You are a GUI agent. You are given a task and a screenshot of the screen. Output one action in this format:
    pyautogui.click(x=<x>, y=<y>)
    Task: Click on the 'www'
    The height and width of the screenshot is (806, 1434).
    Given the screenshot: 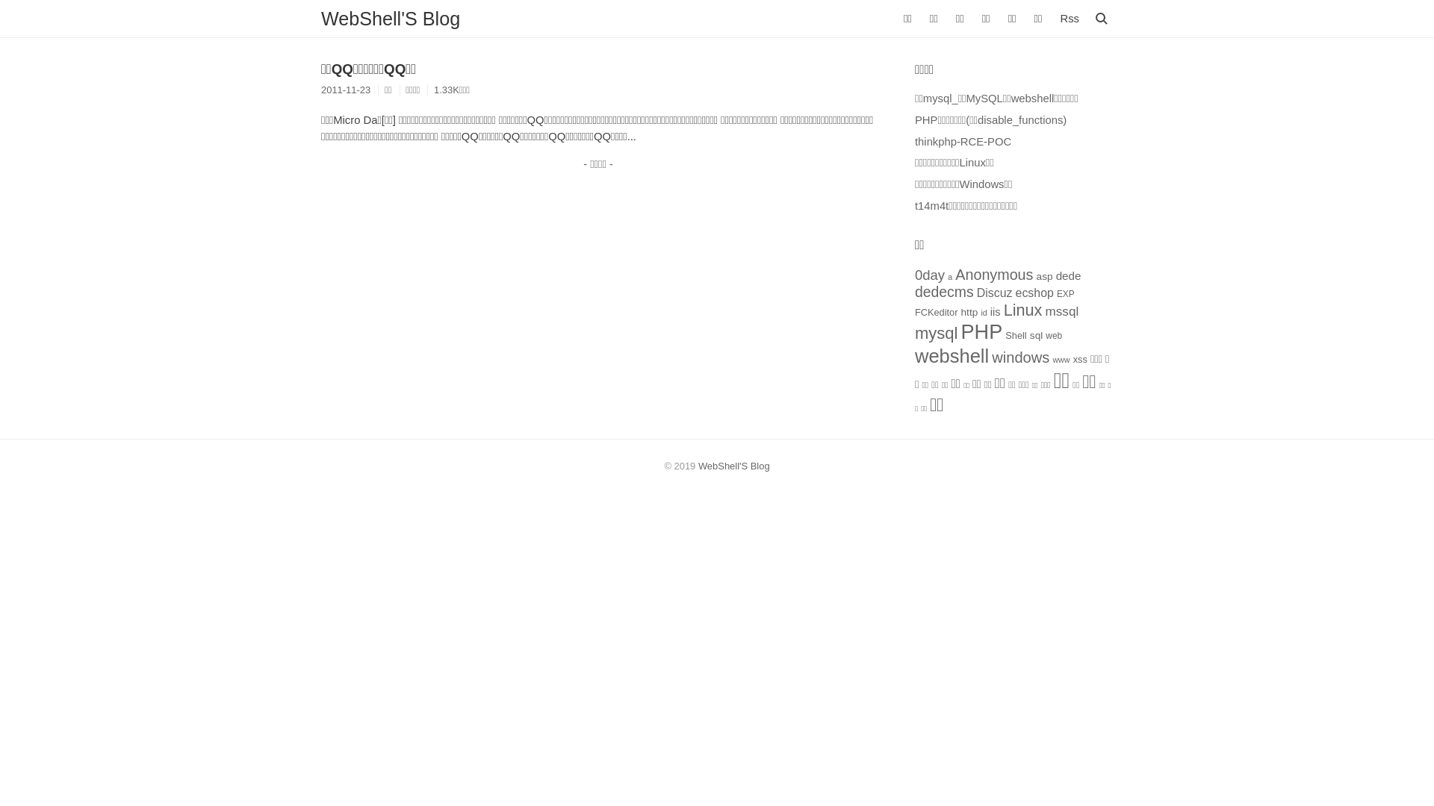 What is the action you would take?
    pyautogui.click(x=1060, y=360)
    